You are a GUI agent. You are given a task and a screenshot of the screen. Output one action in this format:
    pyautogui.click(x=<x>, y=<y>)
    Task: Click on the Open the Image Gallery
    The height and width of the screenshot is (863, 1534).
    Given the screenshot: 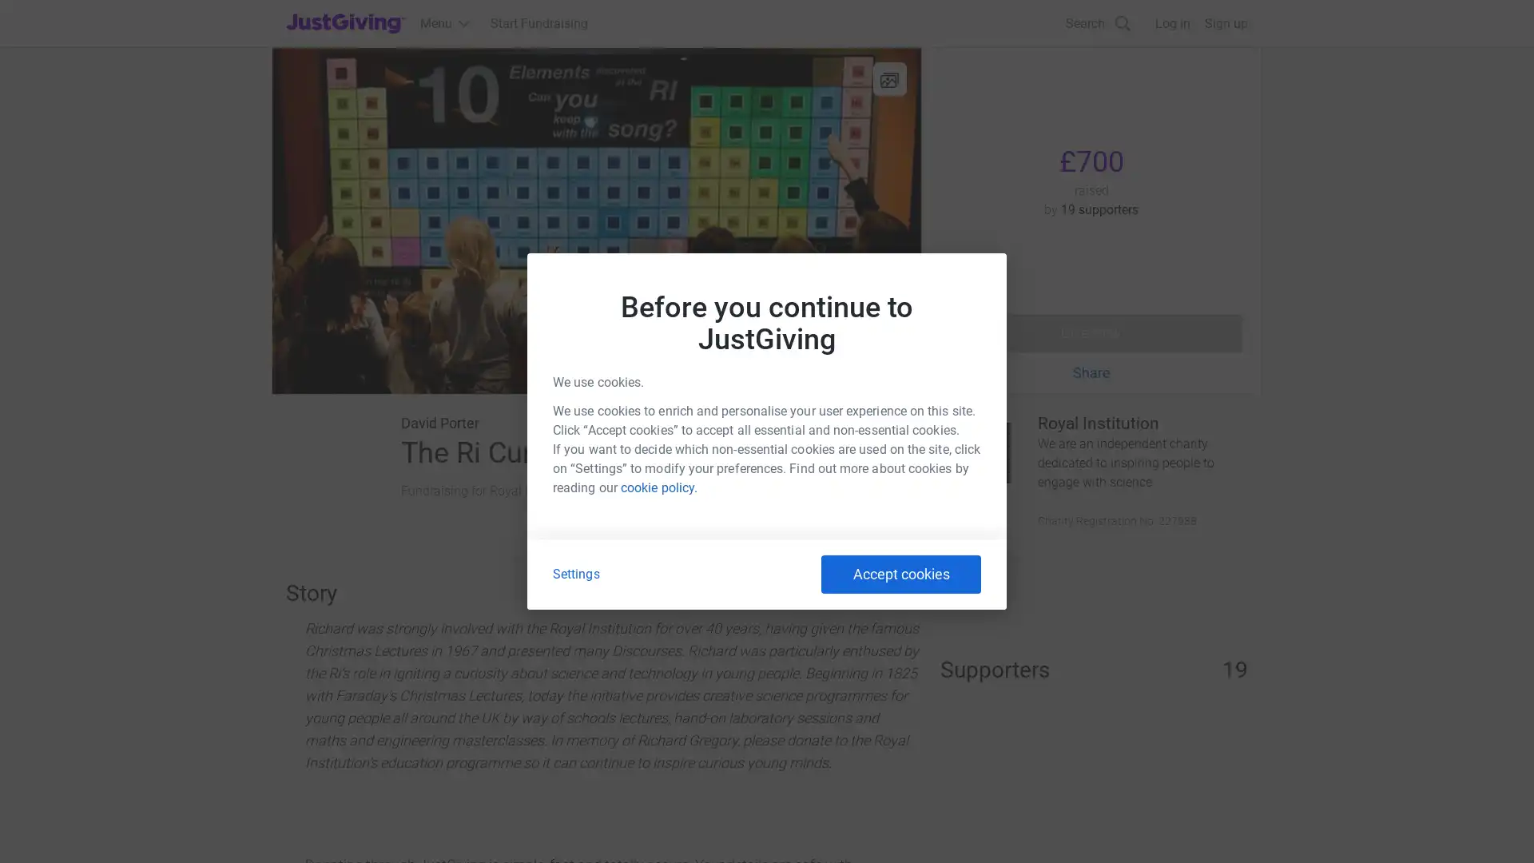 What is the action you would take?
    pyautogui.click(x=595, y=221)
    